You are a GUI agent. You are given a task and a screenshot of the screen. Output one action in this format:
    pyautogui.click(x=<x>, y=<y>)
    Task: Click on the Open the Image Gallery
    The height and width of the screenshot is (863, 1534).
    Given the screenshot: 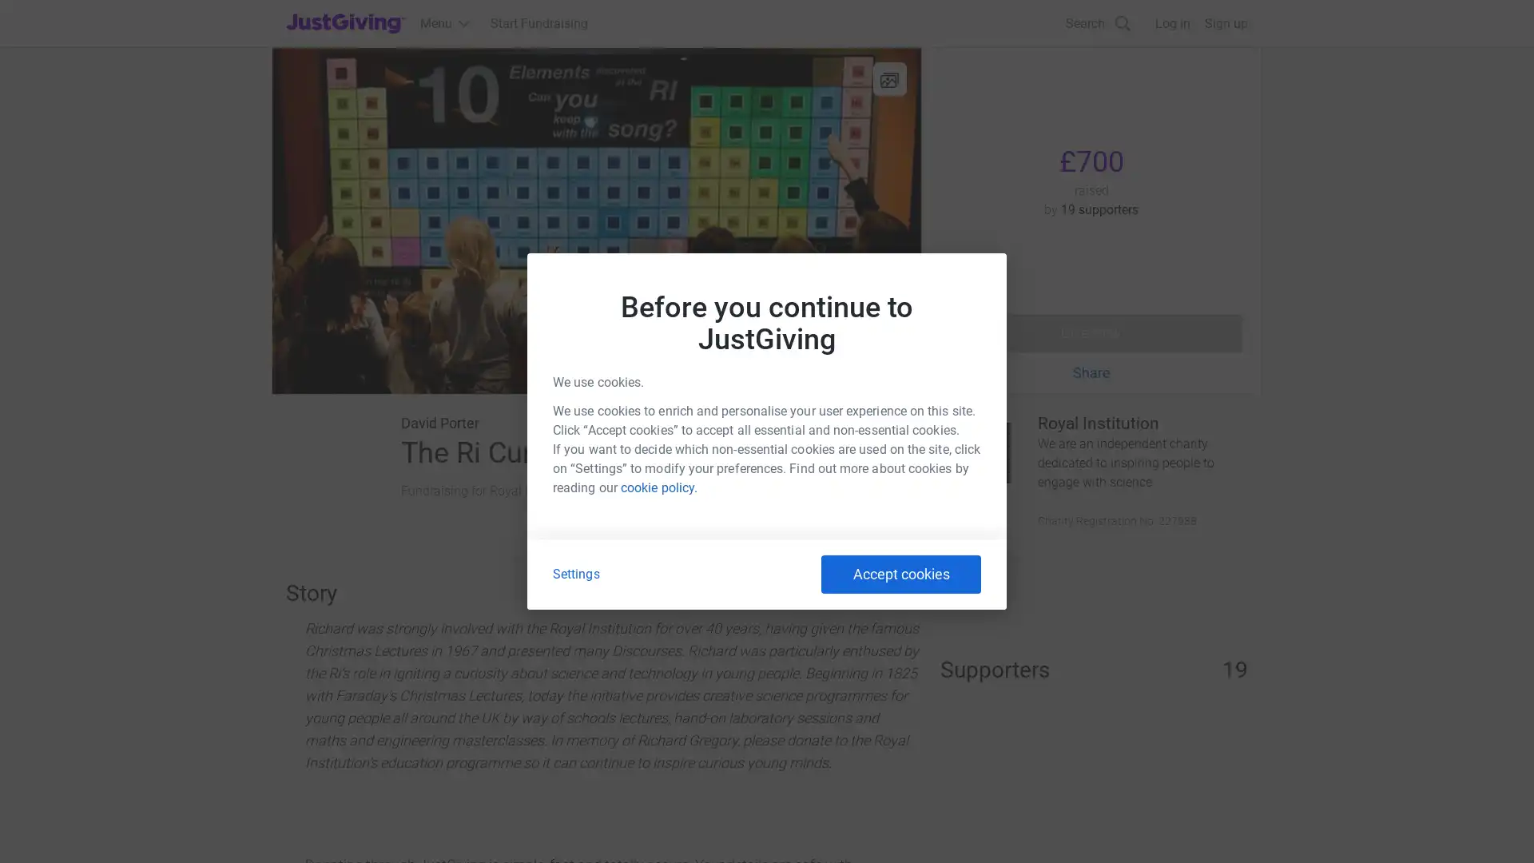 What is the action you would take?
    pyautogui.click(x=595, y=221)
    